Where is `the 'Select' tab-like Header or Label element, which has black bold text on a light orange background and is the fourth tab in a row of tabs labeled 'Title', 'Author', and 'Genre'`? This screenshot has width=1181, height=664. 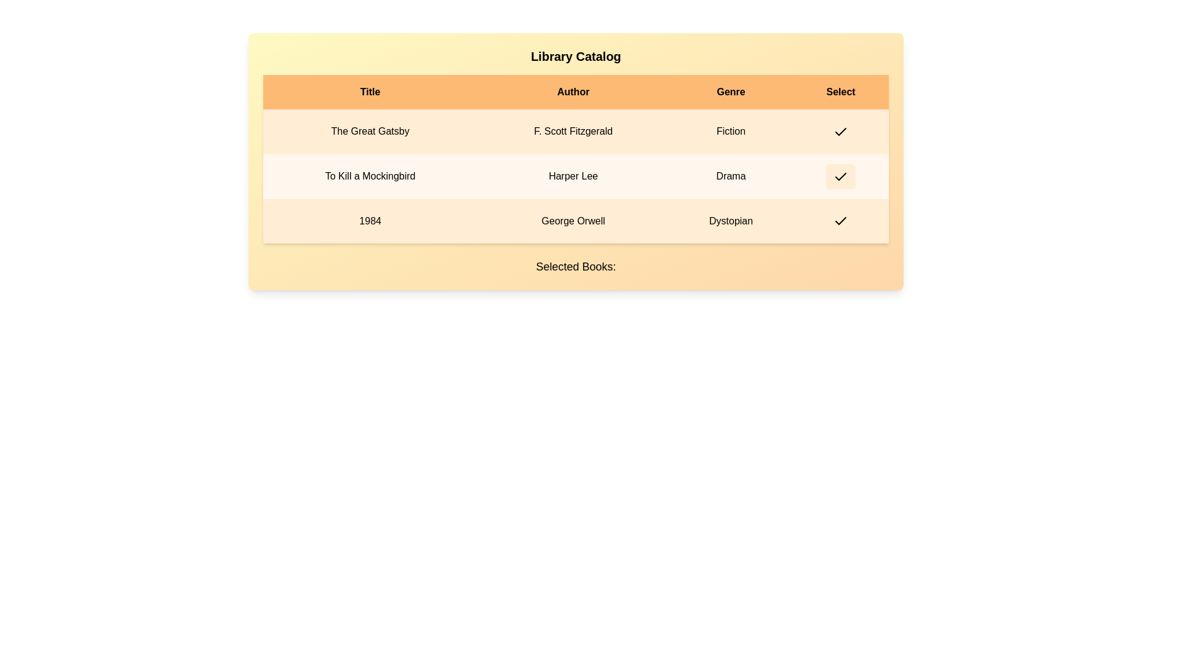
the 'Select' tab-like Header or Label element, which has black bold text on a light orange background and is the fourth tab in a row of tabs labeled 'Title', 'Author', and 'Genre' is located at coordinates (840, 92).